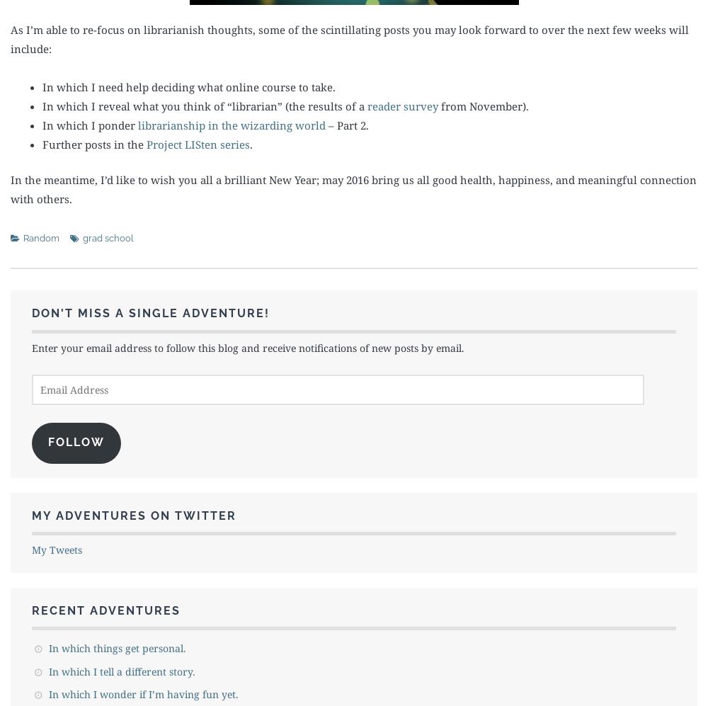 This screenshot has width=708, height=706. Describe the element at coordinates (23, 237) in the screenshot. I see `'Random'` at that location.